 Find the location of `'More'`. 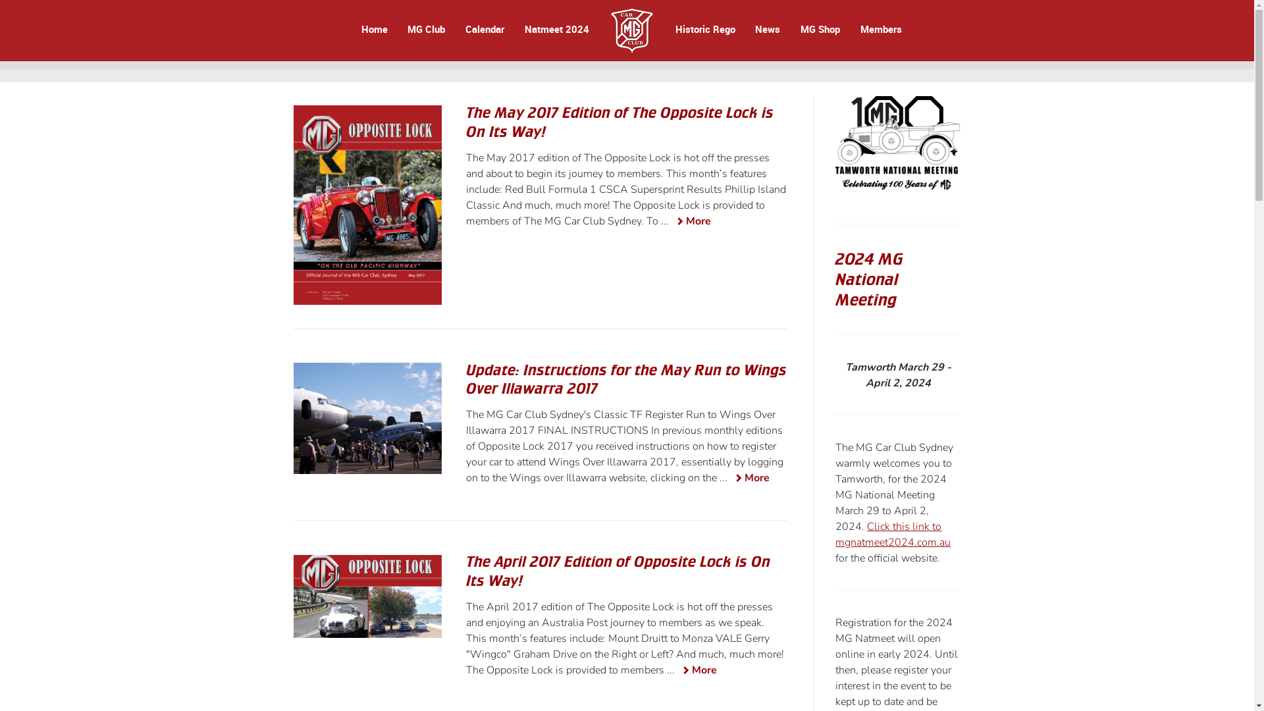

'More' is located at coordinates (691, 221).